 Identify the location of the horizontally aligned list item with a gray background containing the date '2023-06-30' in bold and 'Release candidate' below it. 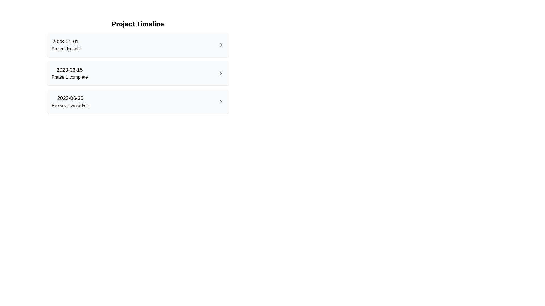
(138, 101).